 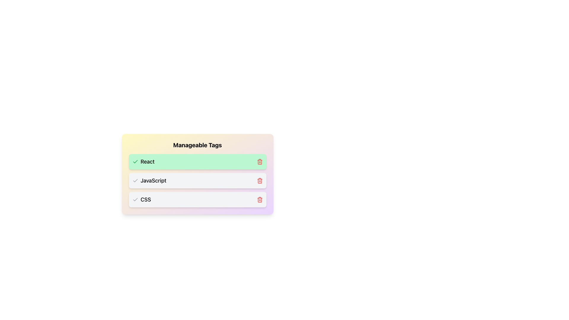 I want to click on text content of the label displaying 'CSS' in the third row of the 'Manageable Tags' list, so click(x=146, y=200).